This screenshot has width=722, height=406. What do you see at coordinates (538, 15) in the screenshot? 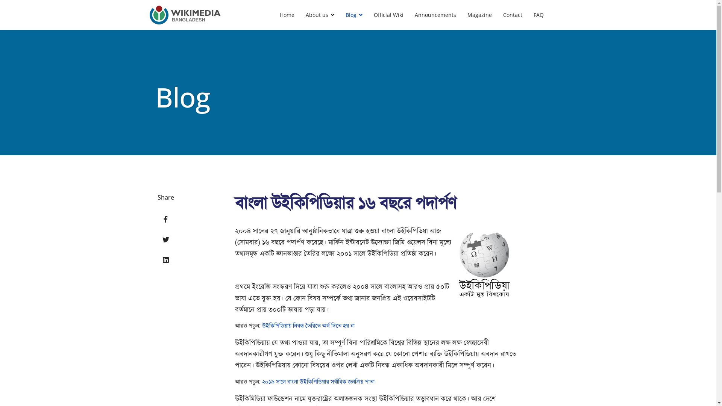
I see `'FAQ'` at bounding box center [538, 15].